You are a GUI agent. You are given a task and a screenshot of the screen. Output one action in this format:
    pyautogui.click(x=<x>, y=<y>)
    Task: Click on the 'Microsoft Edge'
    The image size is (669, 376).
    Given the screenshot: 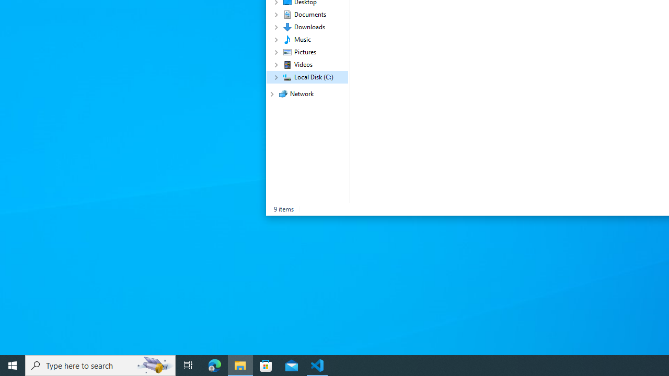 What is the action you would take?
    pyautogui.click(x=214, y=365)
    